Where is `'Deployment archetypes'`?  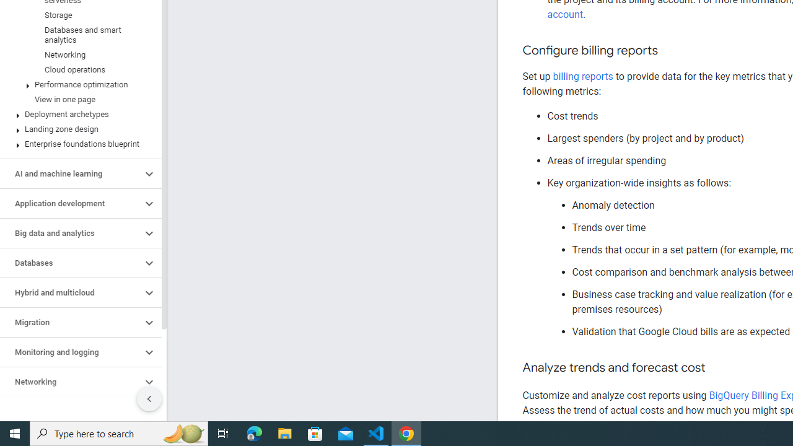
'Deployment archetypes' is located at coordinates (77, 115).